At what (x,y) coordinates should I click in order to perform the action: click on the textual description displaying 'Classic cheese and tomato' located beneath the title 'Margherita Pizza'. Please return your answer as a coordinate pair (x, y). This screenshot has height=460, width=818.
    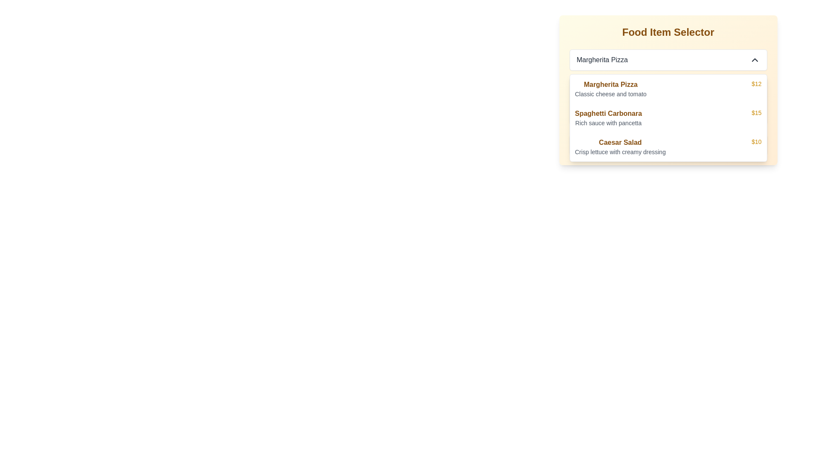
    Looking at the image, I should click on (668, 101).